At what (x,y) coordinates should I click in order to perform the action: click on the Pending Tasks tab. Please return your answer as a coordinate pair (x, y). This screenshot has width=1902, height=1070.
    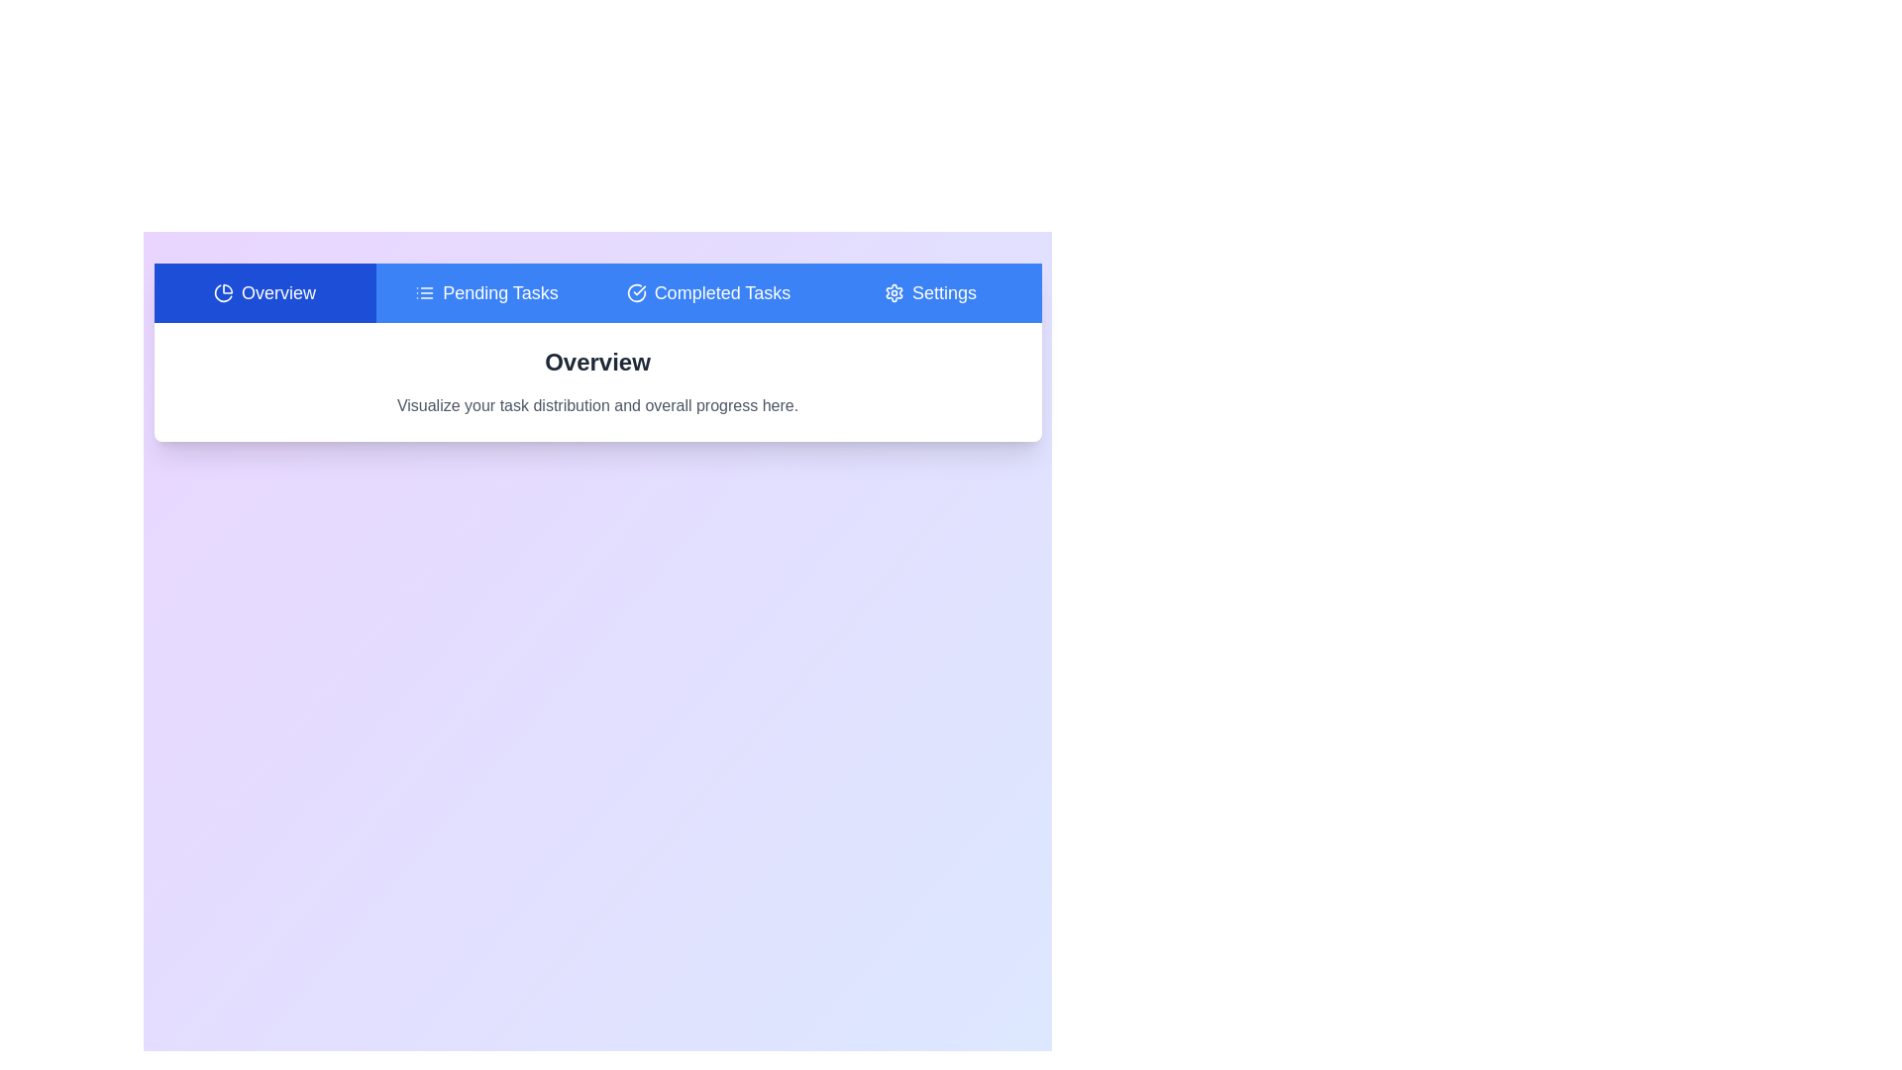
    Looking at the image, I should click on (486, 293).